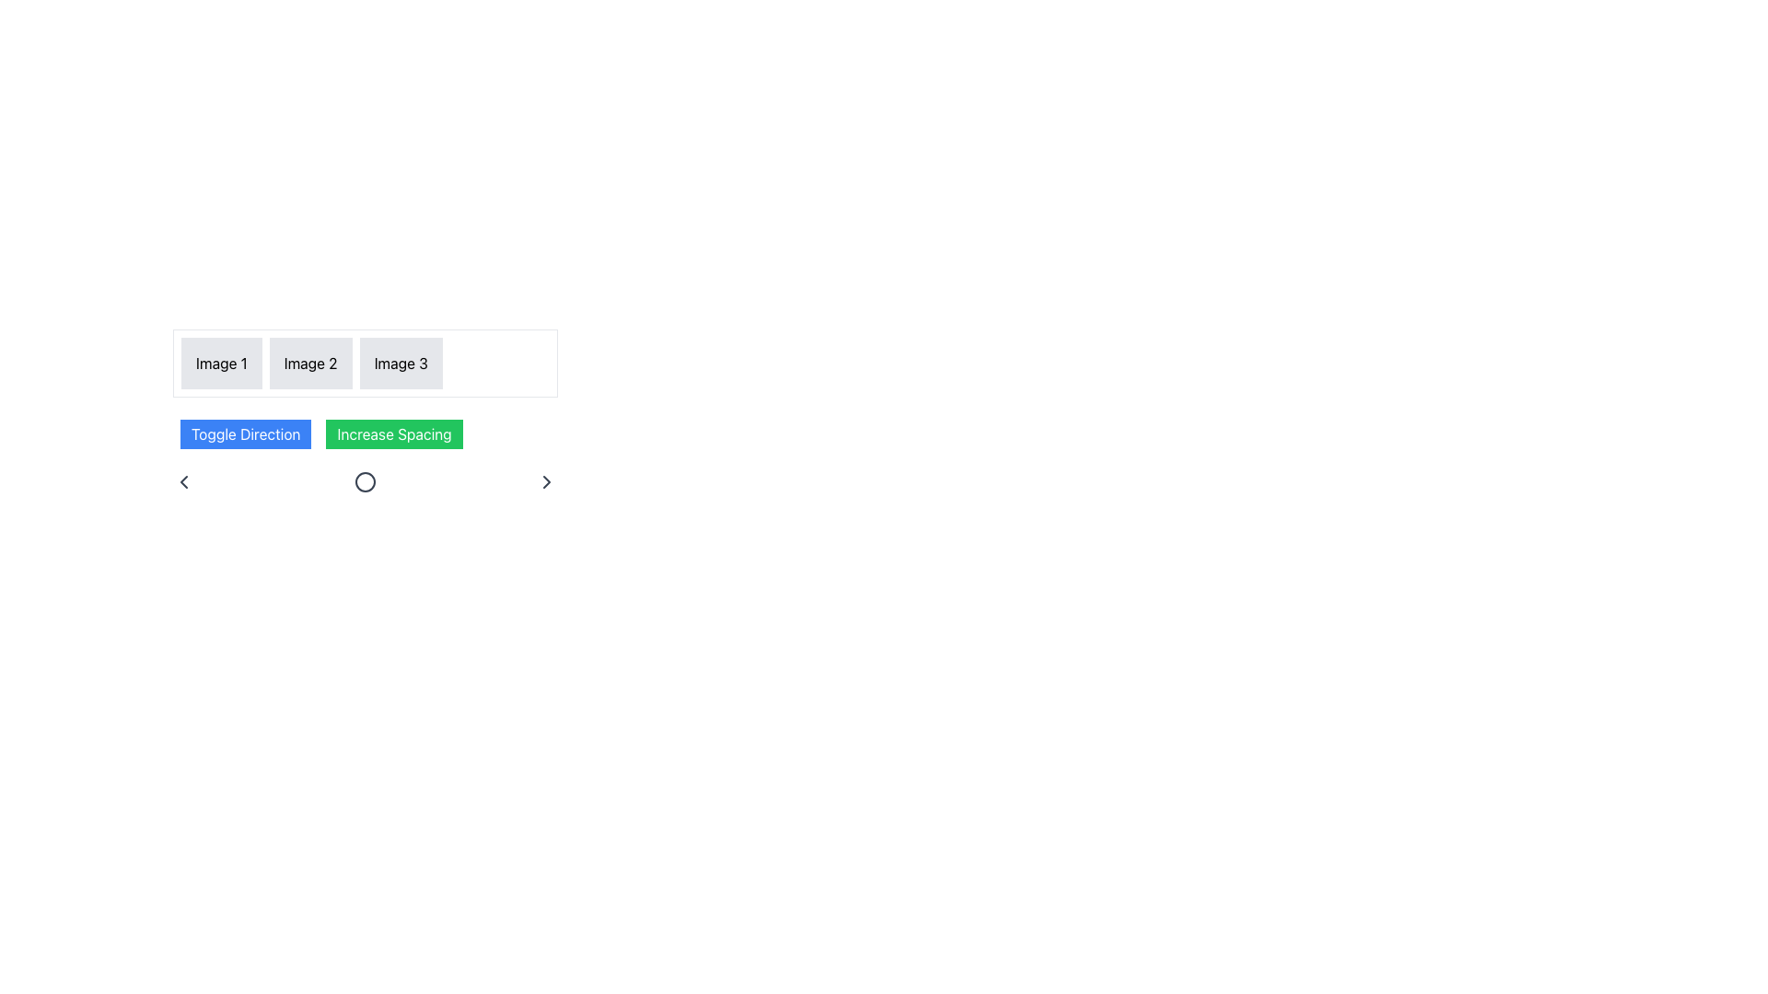 This screenshot has width=1768, height=994. I want to click on the green button labeled 'Increase Spacing', so click(393, 433).